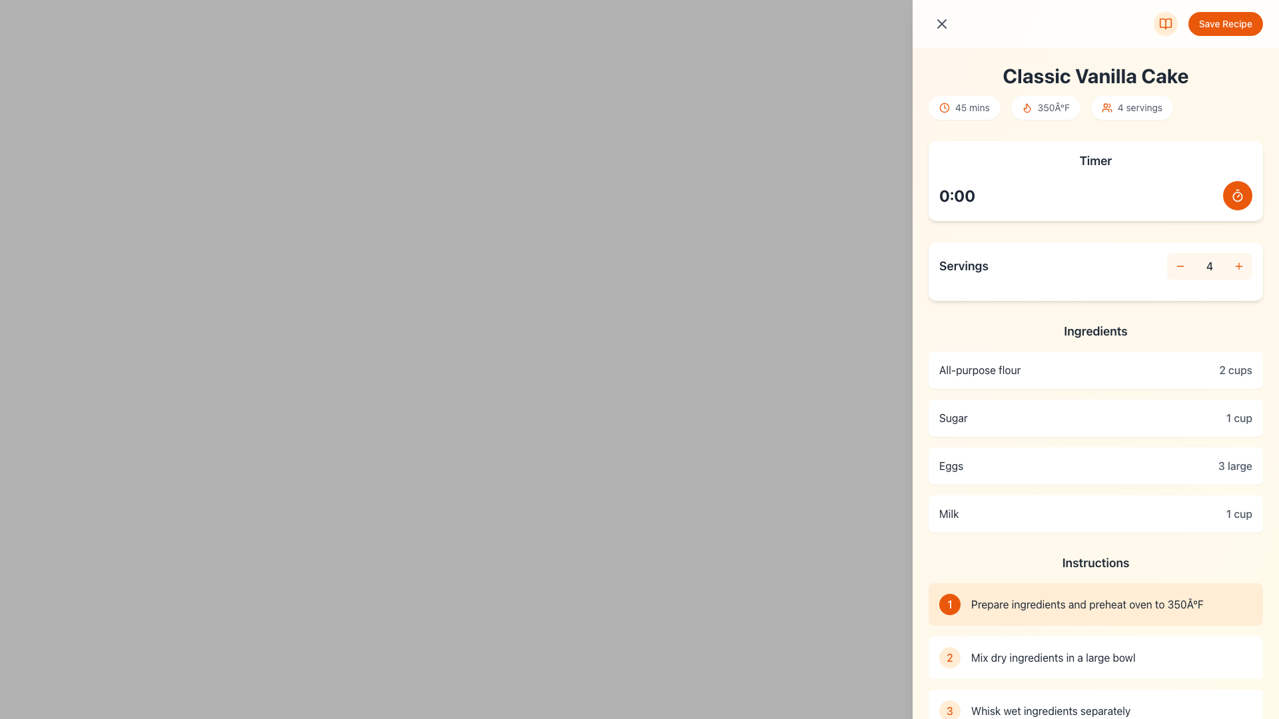 This screenshot has width=1279, height=719. What do you see at coordinates (1180, 266) in the screenshot?
I see `the Icon button with a minus sign located in the 'Servings' adjustment section of the recipe interface to decrease the serving count` at bounding box center [1180, 266].